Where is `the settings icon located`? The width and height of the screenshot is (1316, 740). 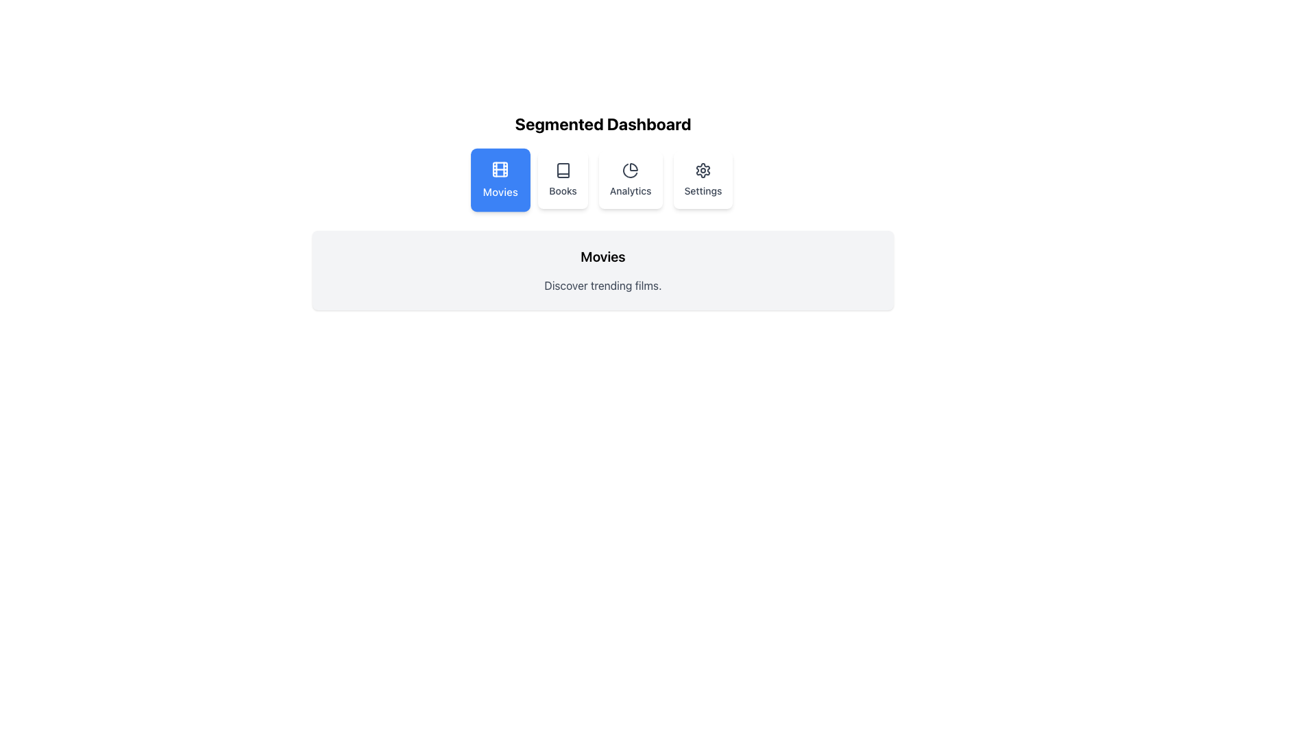 the settings icon located is located at coordinates (703, 170).